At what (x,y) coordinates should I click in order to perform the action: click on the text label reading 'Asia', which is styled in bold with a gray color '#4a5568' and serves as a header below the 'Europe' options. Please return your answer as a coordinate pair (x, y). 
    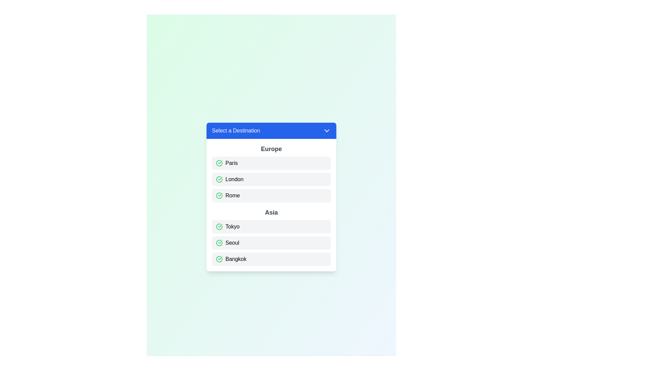
    Looking at the image, I should click on (271, 212).